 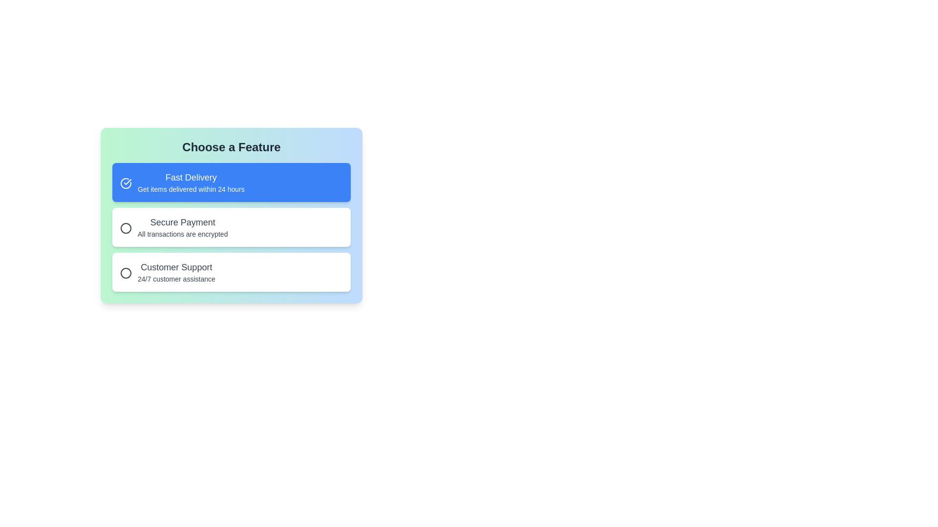 What do you see at coordinates (191, 177) in the screenshot?
I see `the 'Fast Delivery' text label, which serves as the title for the feature description indicating fast delivery services, located at the top of the feature selection interface` at bounding box center [191, 177].